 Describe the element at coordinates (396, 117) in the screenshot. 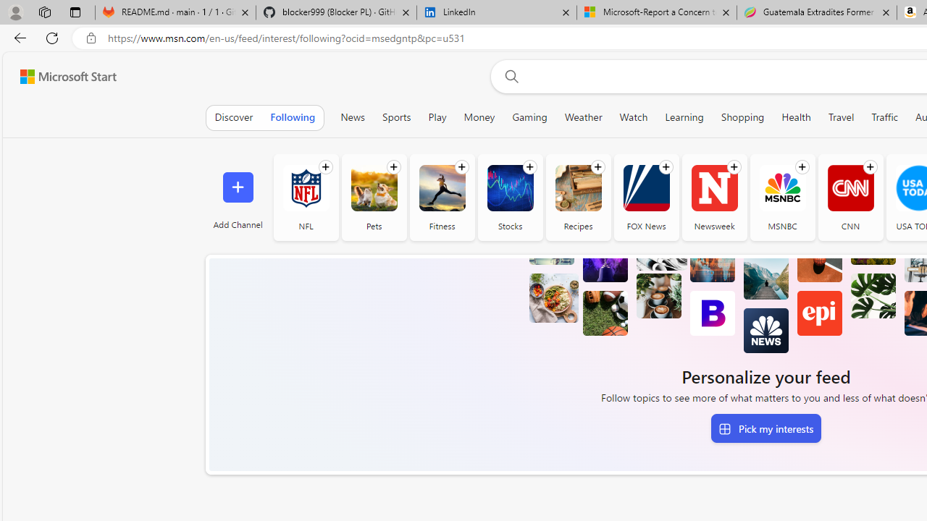

I see `'Sports'` at that location.